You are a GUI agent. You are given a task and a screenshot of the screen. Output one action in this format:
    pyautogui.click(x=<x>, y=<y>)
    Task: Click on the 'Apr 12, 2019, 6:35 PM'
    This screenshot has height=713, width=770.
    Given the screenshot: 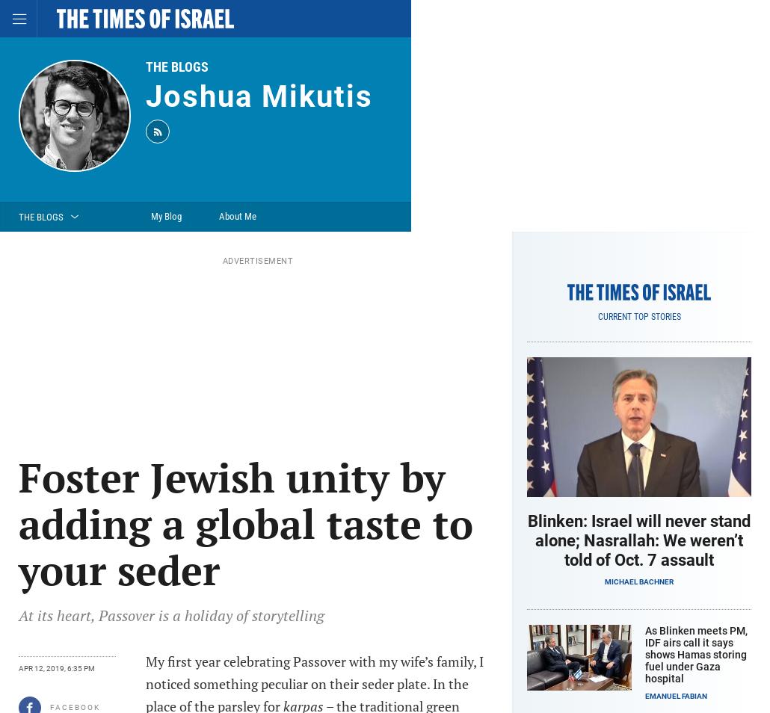 What is the action you would take?
    pyautogui.click(x=57, y=668)
    